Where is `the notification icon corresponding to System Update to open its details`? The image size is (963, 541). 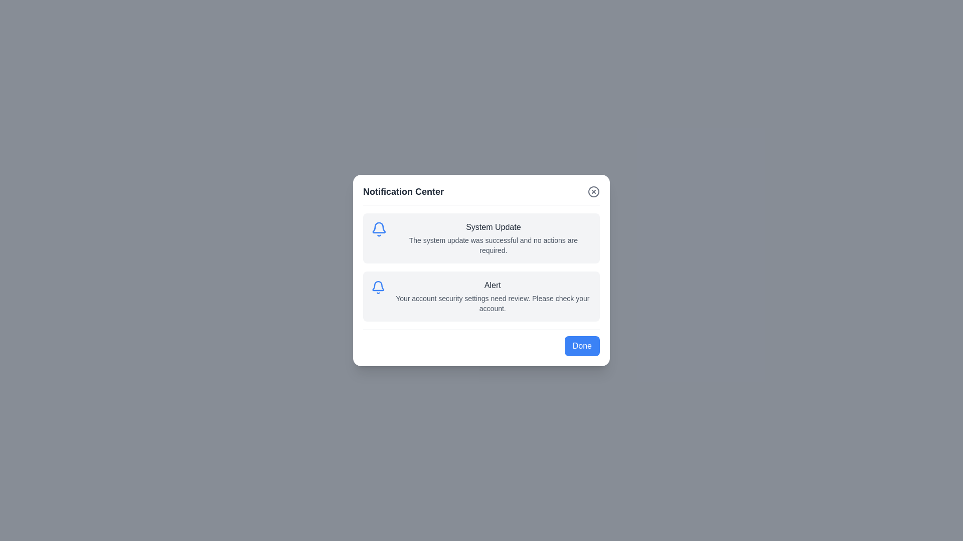 the notification icon corresponding to System Update to open its details is located at coordinates (378, 229).